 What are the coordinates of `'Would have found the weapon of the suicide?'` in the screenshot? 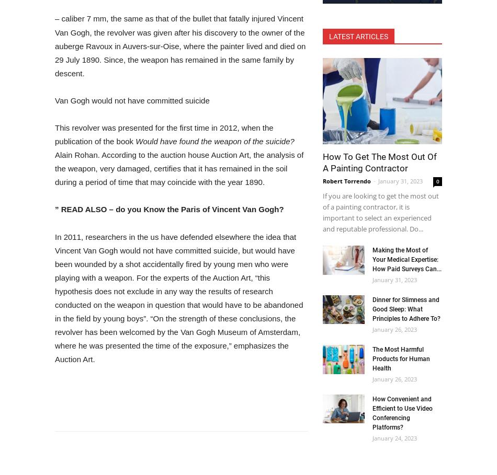 It's located at (214, 141).